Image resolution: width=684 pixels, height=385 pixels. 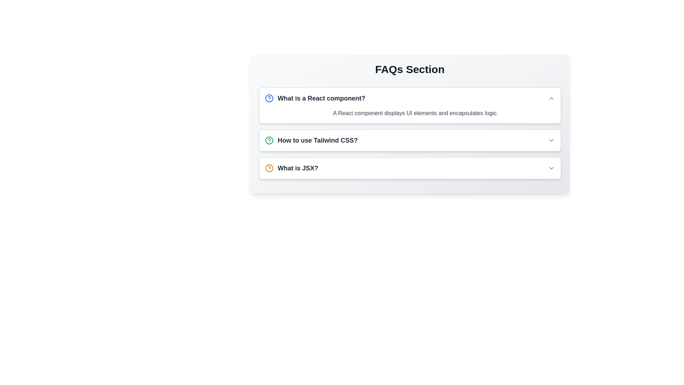 What do you see at coordinates (269, 98) in the screenshot?
I see `the blue question mark icon enclosed within a circle, which is located to the left of the text 'What is a React component?'` at bounding box center [269, 98].